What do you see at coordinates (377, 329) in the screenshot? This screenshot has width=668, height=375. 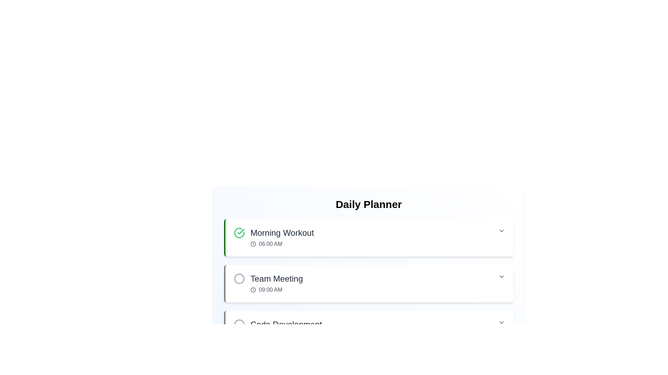 I see `the task entry labeled 'Code Development'` at bounding box center [377, 329].